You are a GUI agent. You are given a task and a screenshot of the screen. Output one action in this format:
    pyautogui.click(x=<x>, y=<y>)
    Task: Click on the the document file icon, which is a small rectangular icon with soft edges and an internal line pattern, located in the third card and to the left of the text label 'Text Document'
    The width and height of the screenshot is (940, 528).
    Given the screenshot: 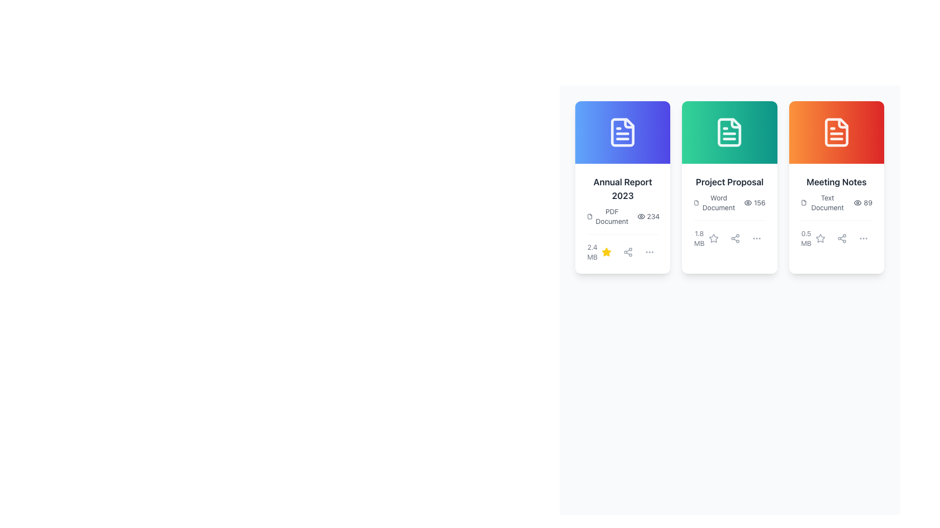 What is the action you would take?
    pyautogui.click(x=803, y=202)
    